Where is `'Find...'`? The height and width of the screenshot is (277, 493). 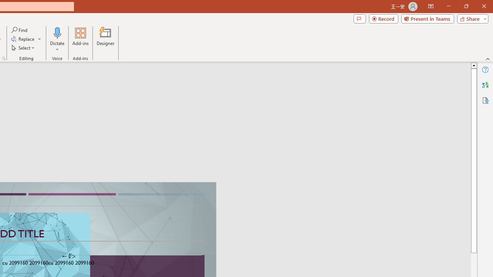
'Find...' is located at coordinates (20, 30).